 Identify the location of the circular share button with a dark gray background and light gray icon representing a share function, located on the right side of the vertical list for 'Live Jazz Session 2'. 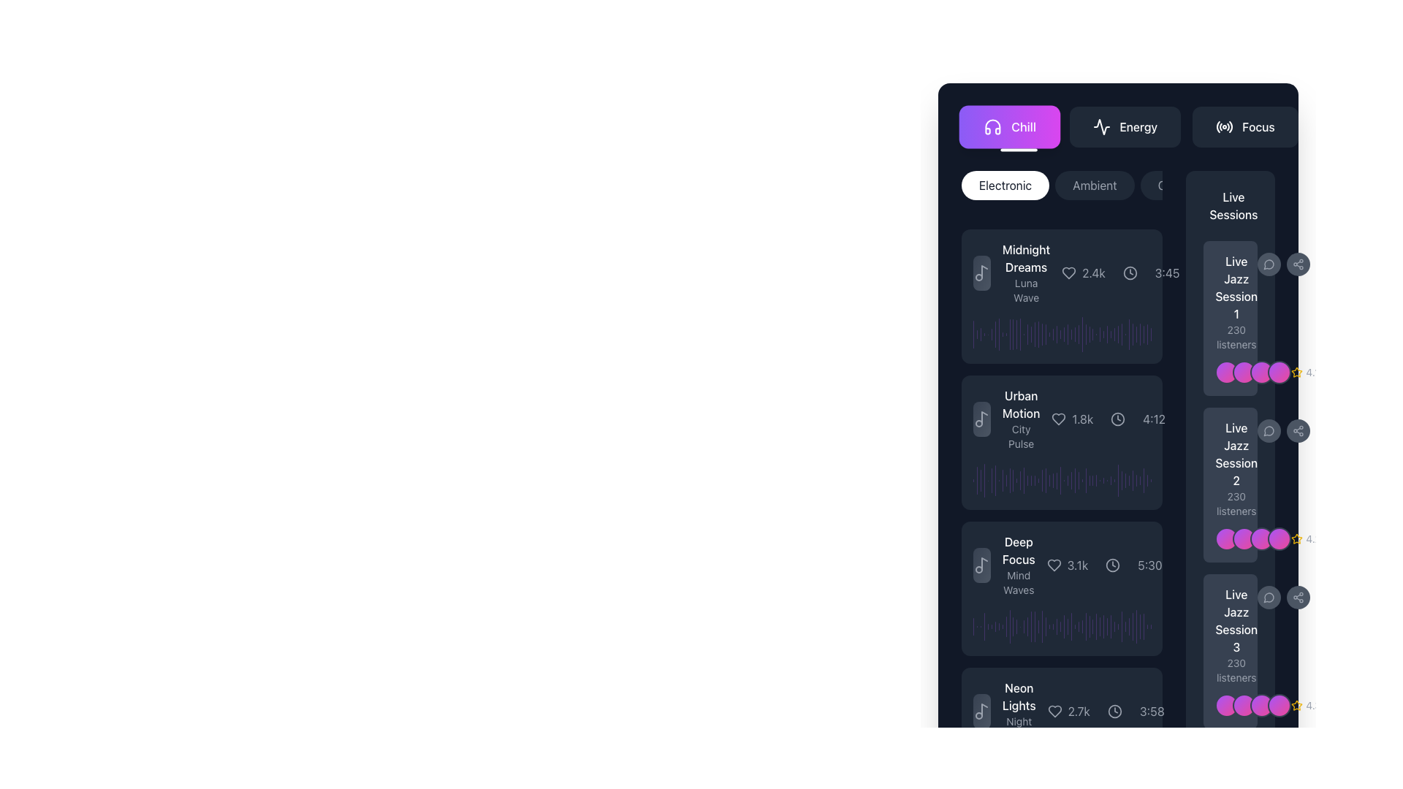
(1299, 430).